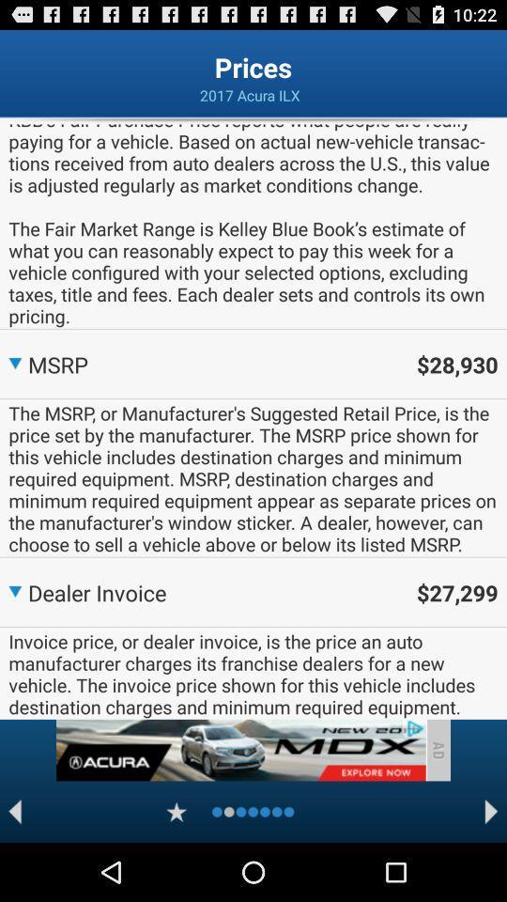 This screenshot has height=902, width=507. What do you see at coordinates (177, 868) in the screenshot?
I see `the star icon` at bounding box center [177, 868].